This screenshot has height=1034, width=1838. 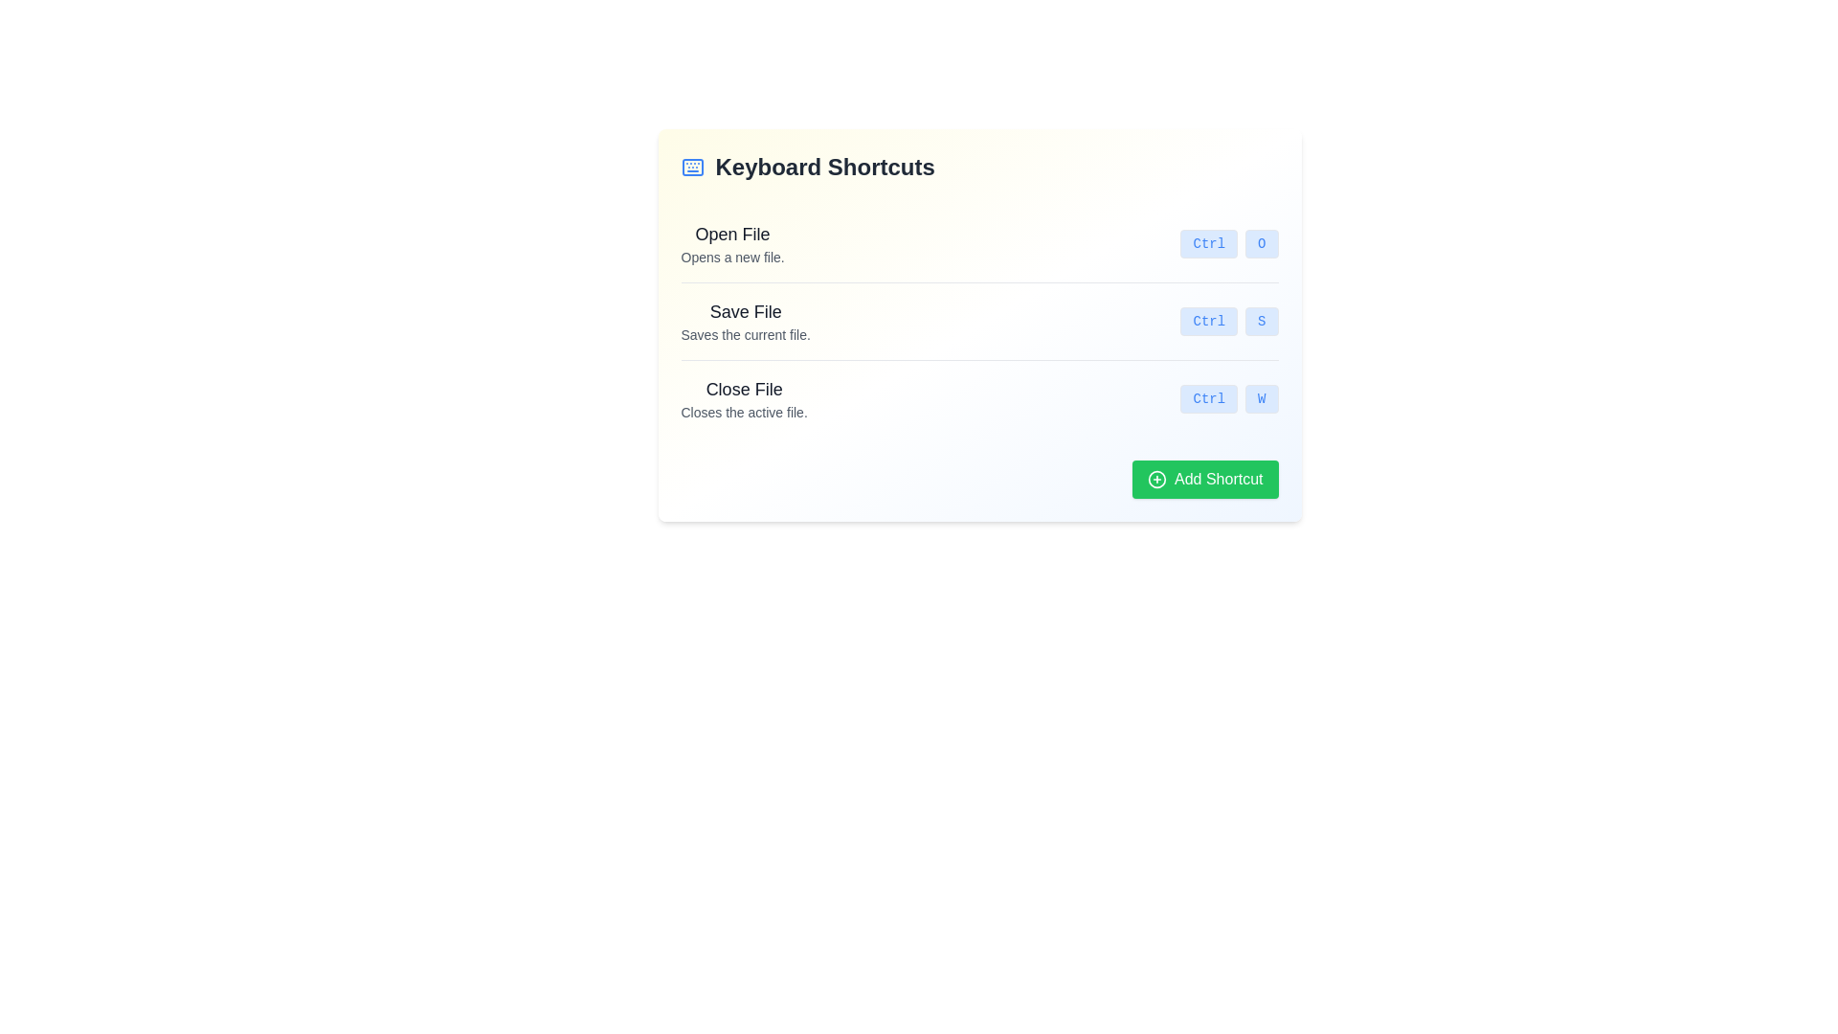 I want to click on the add keyboard shortcut button located at the bottom right corner of the visible group of elements, so click(x=1204, y=479).